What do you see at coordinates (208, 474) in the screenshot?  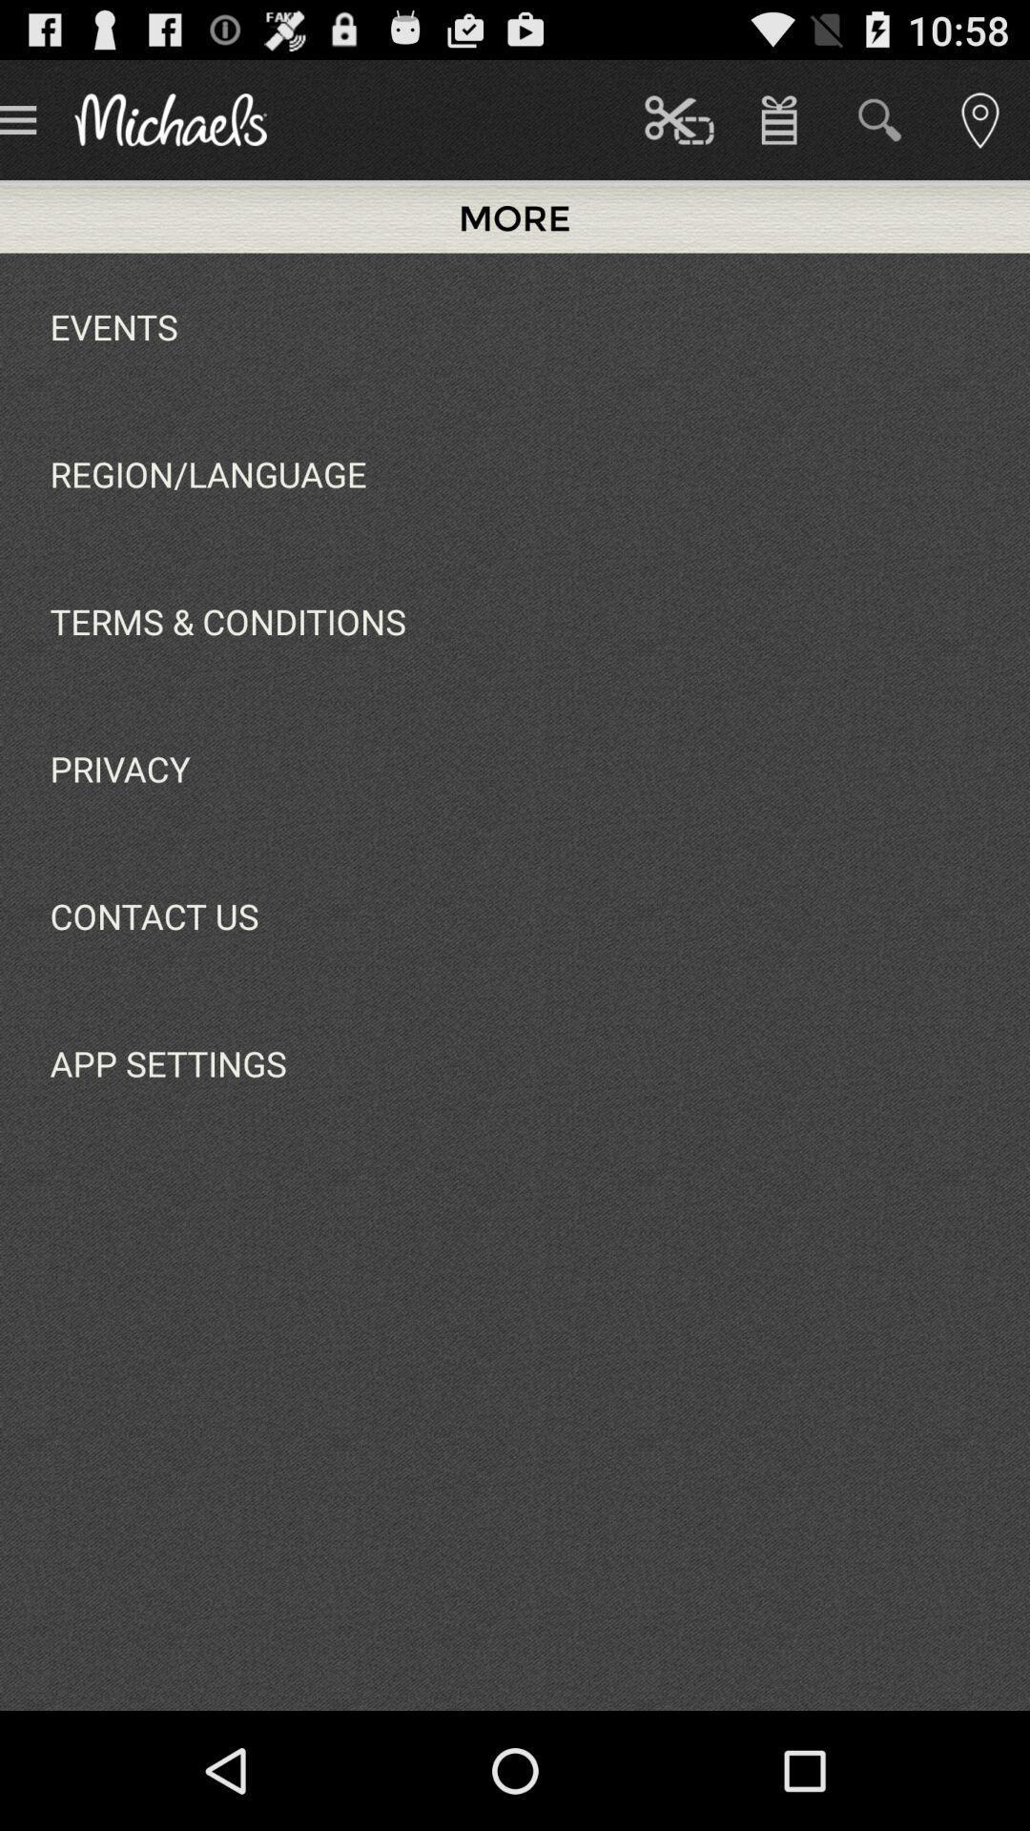 I see `the region/language app` at bounding box center [208, 474].